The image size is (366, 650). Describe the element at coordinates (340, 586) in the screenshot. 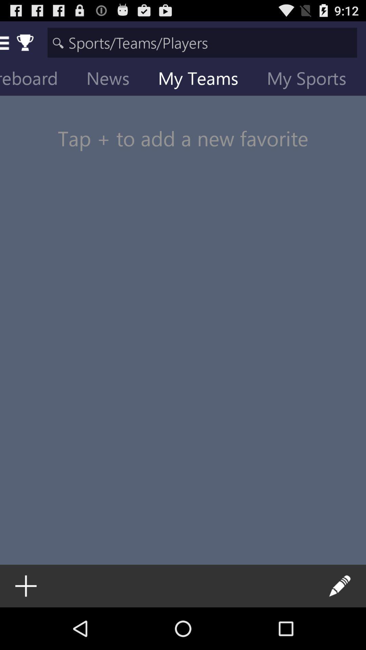

I see `the icon at the bottom right corner` at that location.